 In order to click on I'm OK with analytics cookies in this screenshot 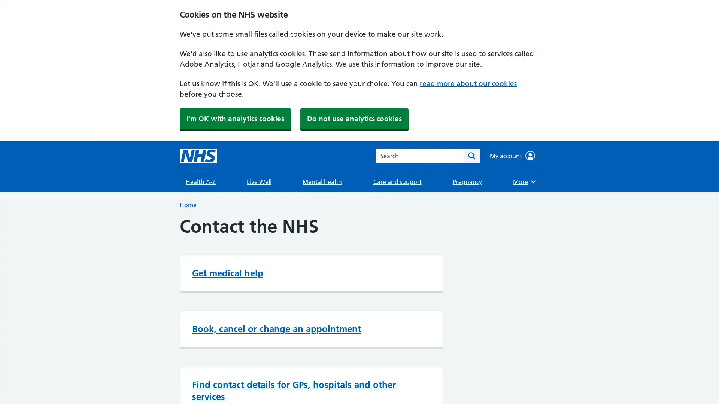, I will do `click(235, 118)`.